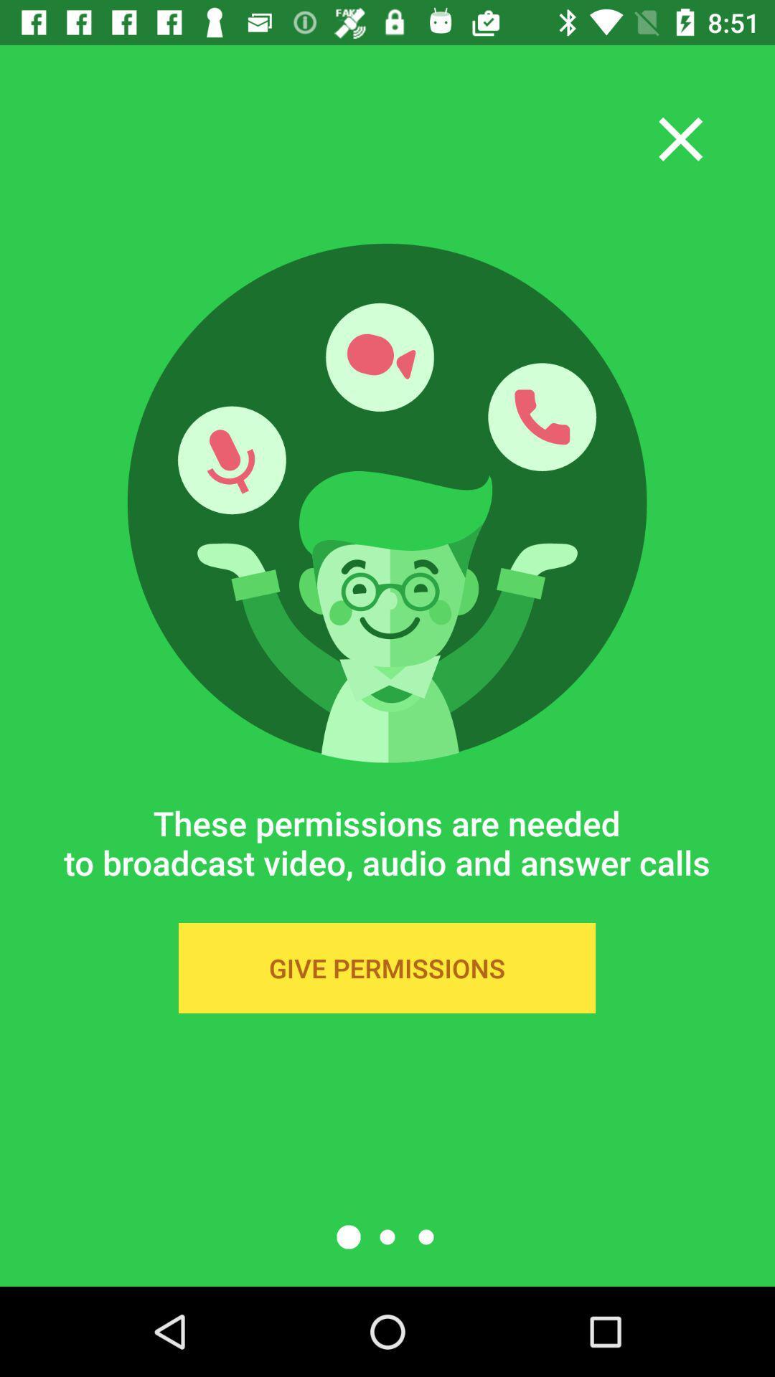  I want to click on the icon at the top right corner, so click(680, 139).